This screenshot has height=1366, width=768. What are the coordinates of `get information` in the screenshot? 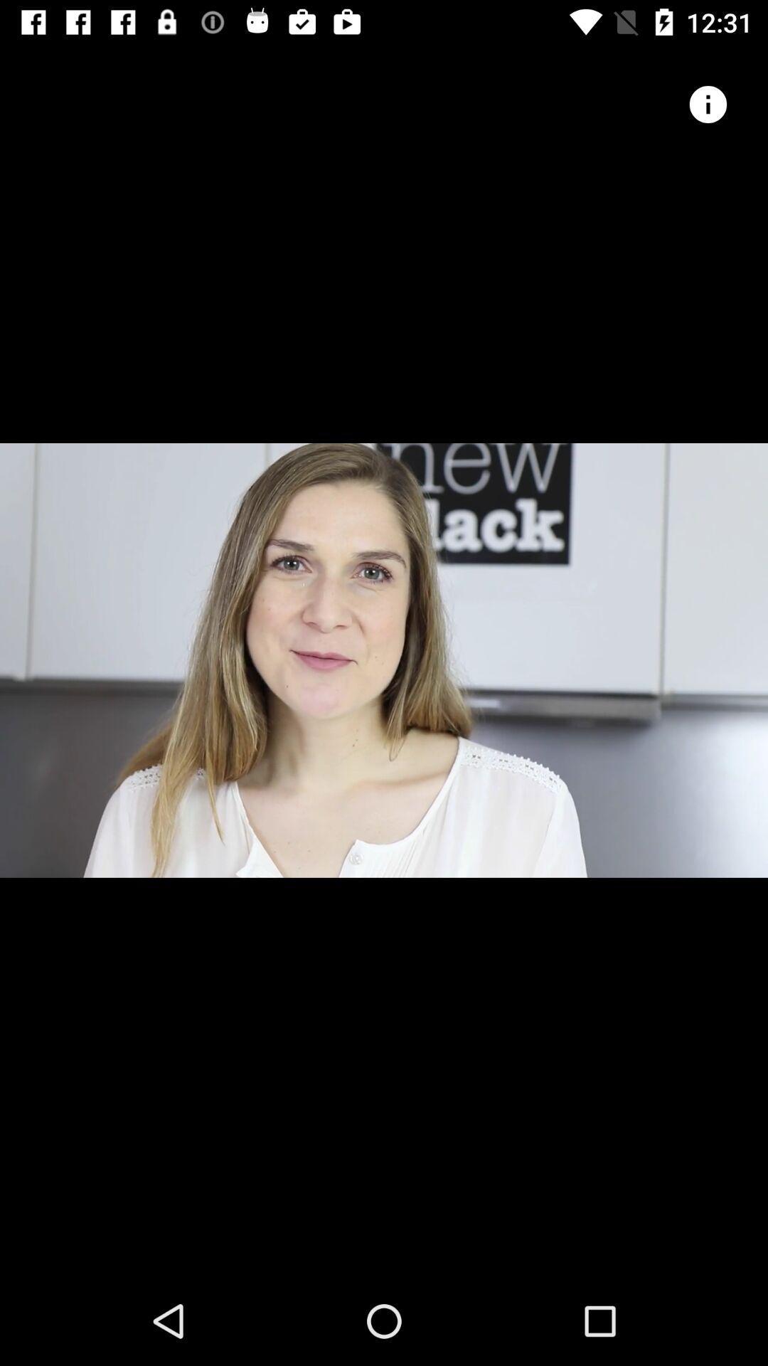 It's located at (708, 104).